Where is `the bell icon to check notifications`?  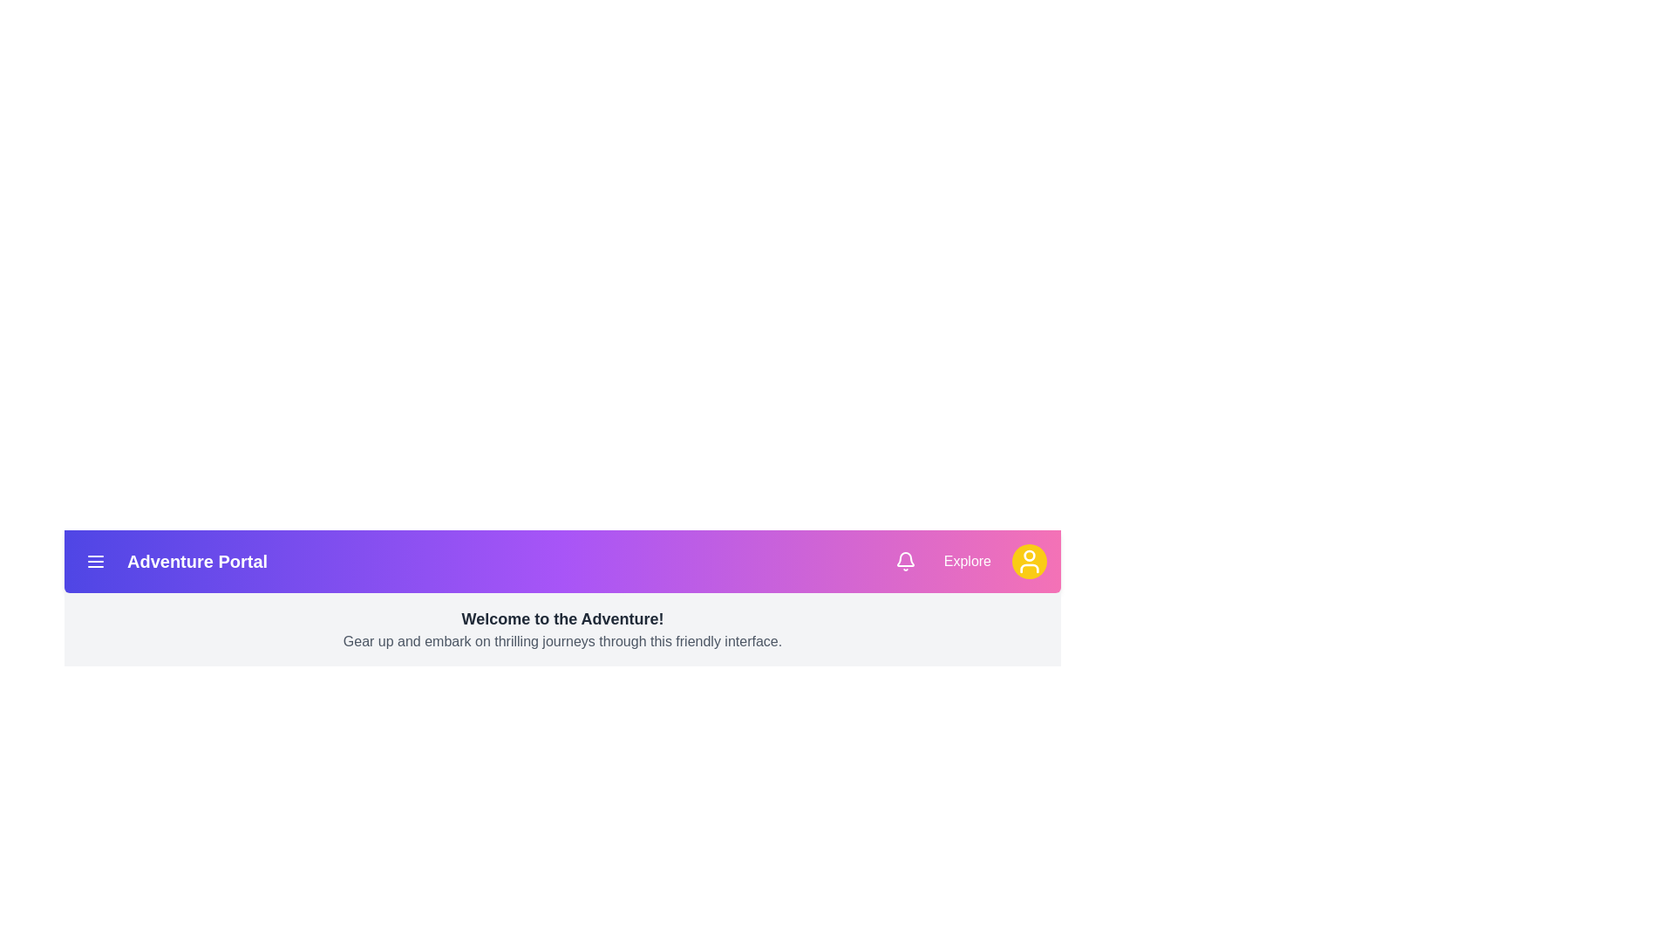 the bell icon to check notifications is located at coordinates (905, 562).